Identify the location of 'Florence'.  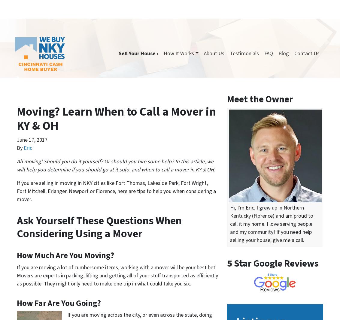
(278, 288).